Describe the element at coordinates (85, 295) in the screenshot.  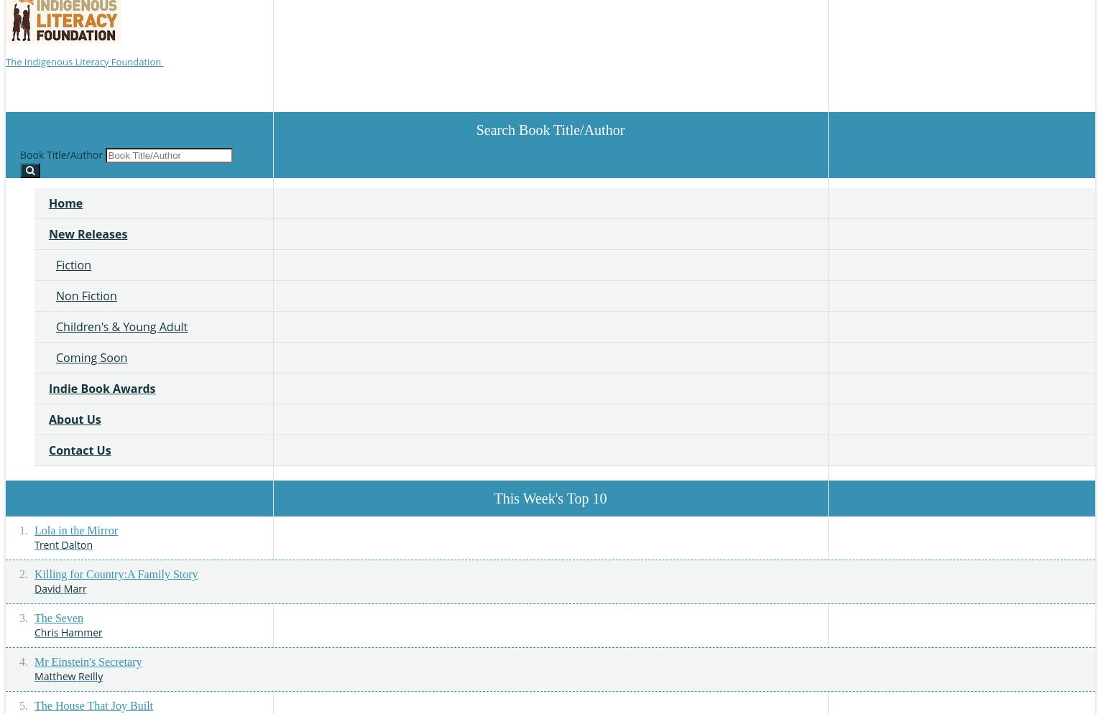
I see `'Non Fiction'` at that location.